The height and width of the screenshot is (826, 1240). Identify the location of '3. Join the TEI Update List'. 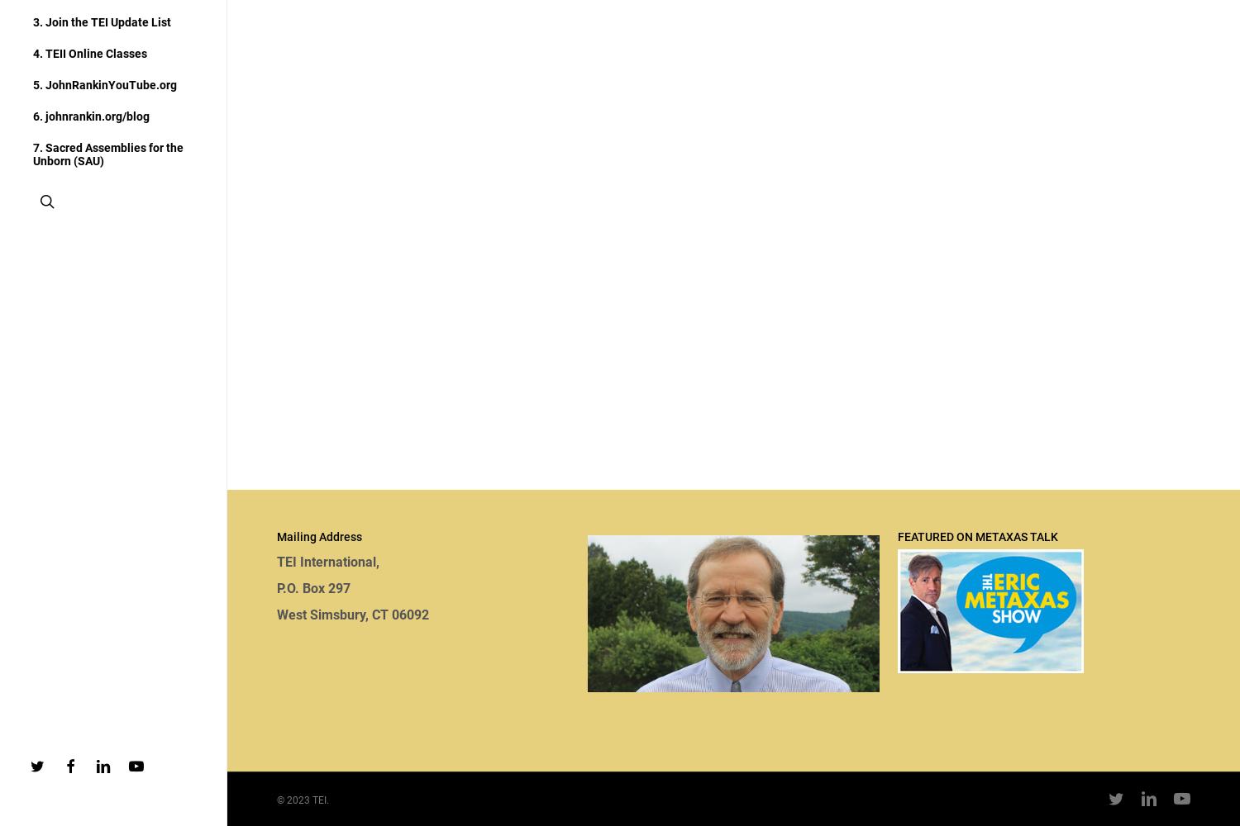
(101, 22).